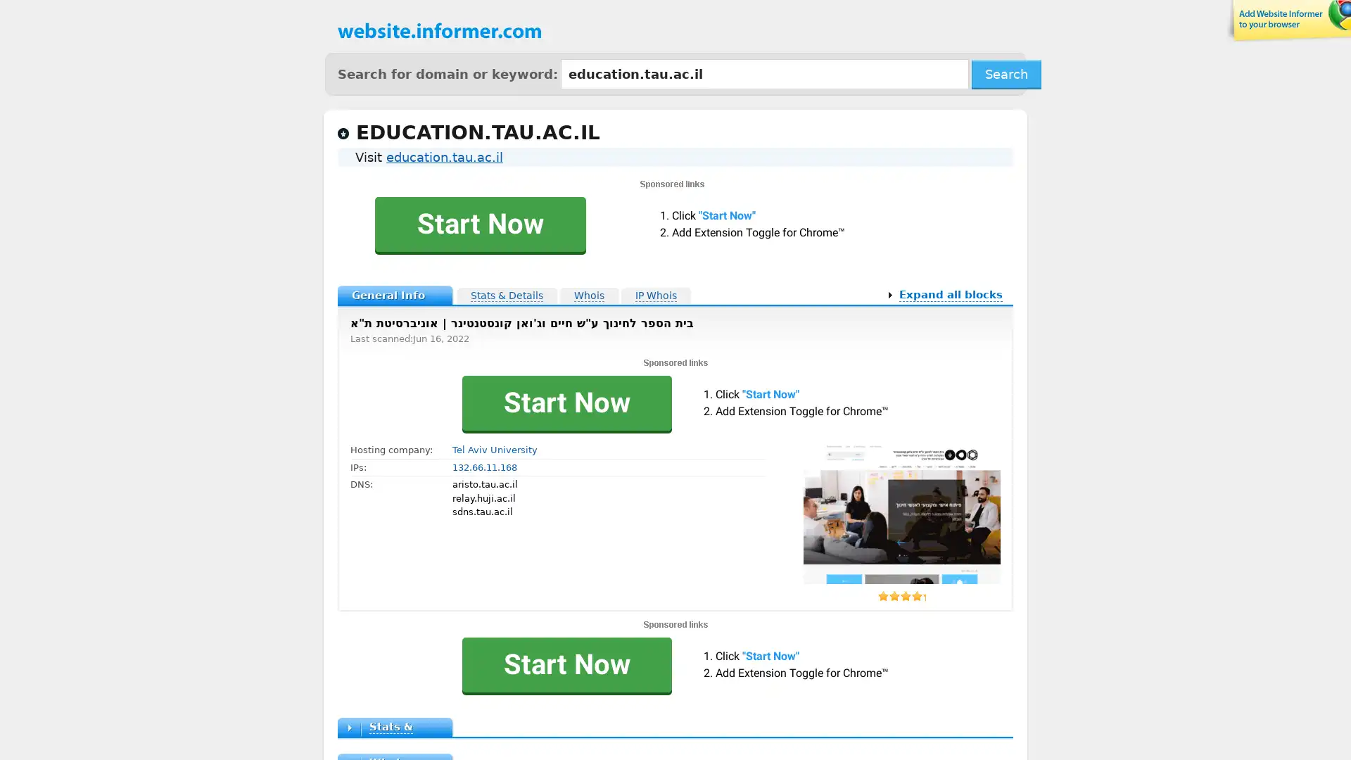 The width and height of the screenshot is (1351, 760). Describe the element at coordinates (1006, 73) in the screenshot. I see `Search` at that location.